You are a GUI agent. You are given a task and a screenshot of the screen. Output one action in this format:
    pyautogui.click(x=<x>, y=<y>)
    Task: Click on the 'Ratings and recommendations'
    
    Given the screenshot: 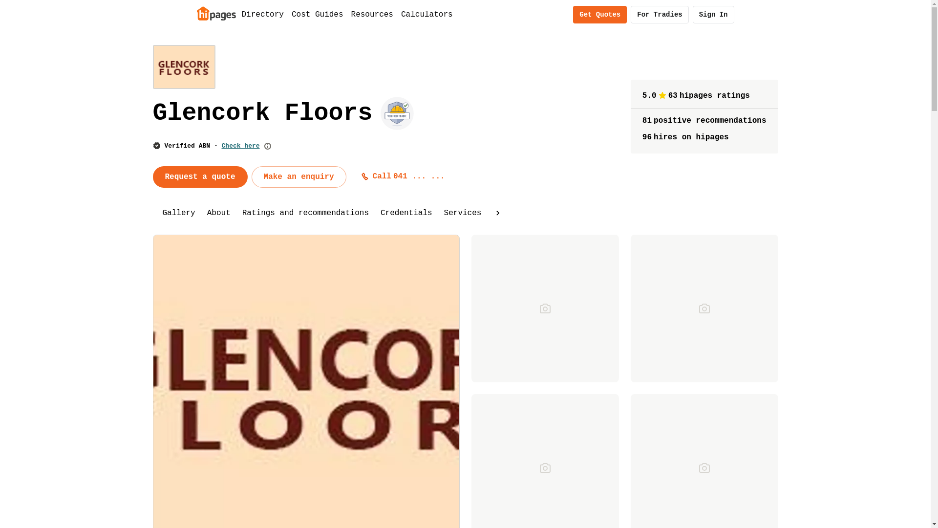 What is the action you would take?
    pyautogui.click(x=305, y=212)
    